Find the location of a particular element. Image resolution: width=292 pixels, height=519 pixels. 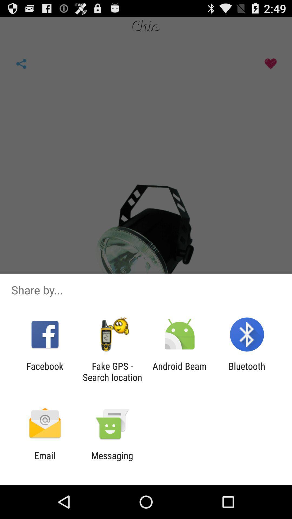

the icon next to android beam item is located at coordinates (247, 371).